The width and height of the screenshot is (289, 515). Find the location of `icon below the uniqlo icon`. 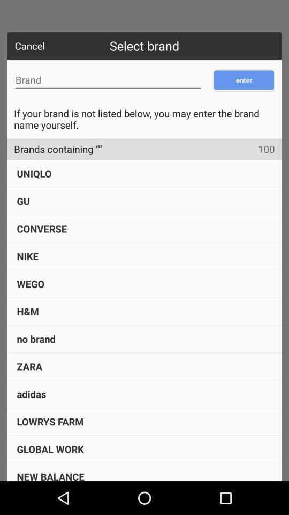

icon below the uniqlo icon is located at coordinates (23, 200).